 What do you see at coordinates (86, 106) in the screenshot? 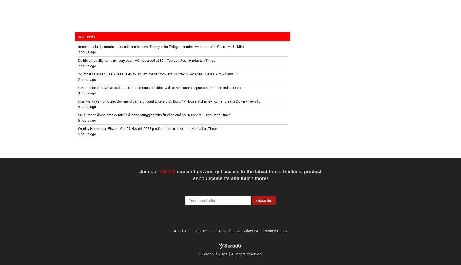
I see `'4 hours ago'` at bounding box center [86, 106].